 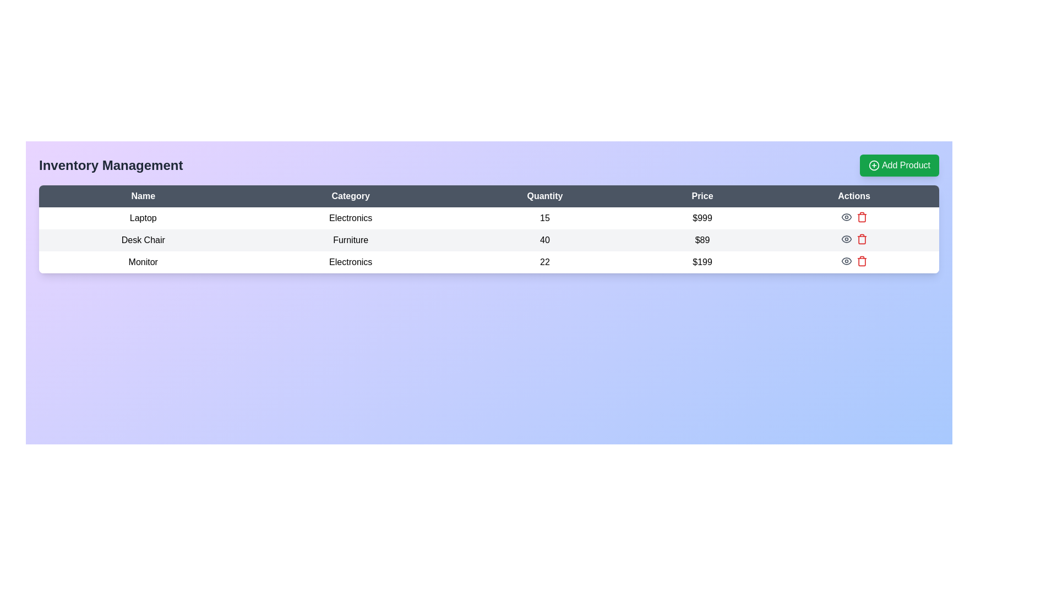 I want to click on the eye icon in the Icon group for the 'Desk Chair' row, so click(x=853, y=239).